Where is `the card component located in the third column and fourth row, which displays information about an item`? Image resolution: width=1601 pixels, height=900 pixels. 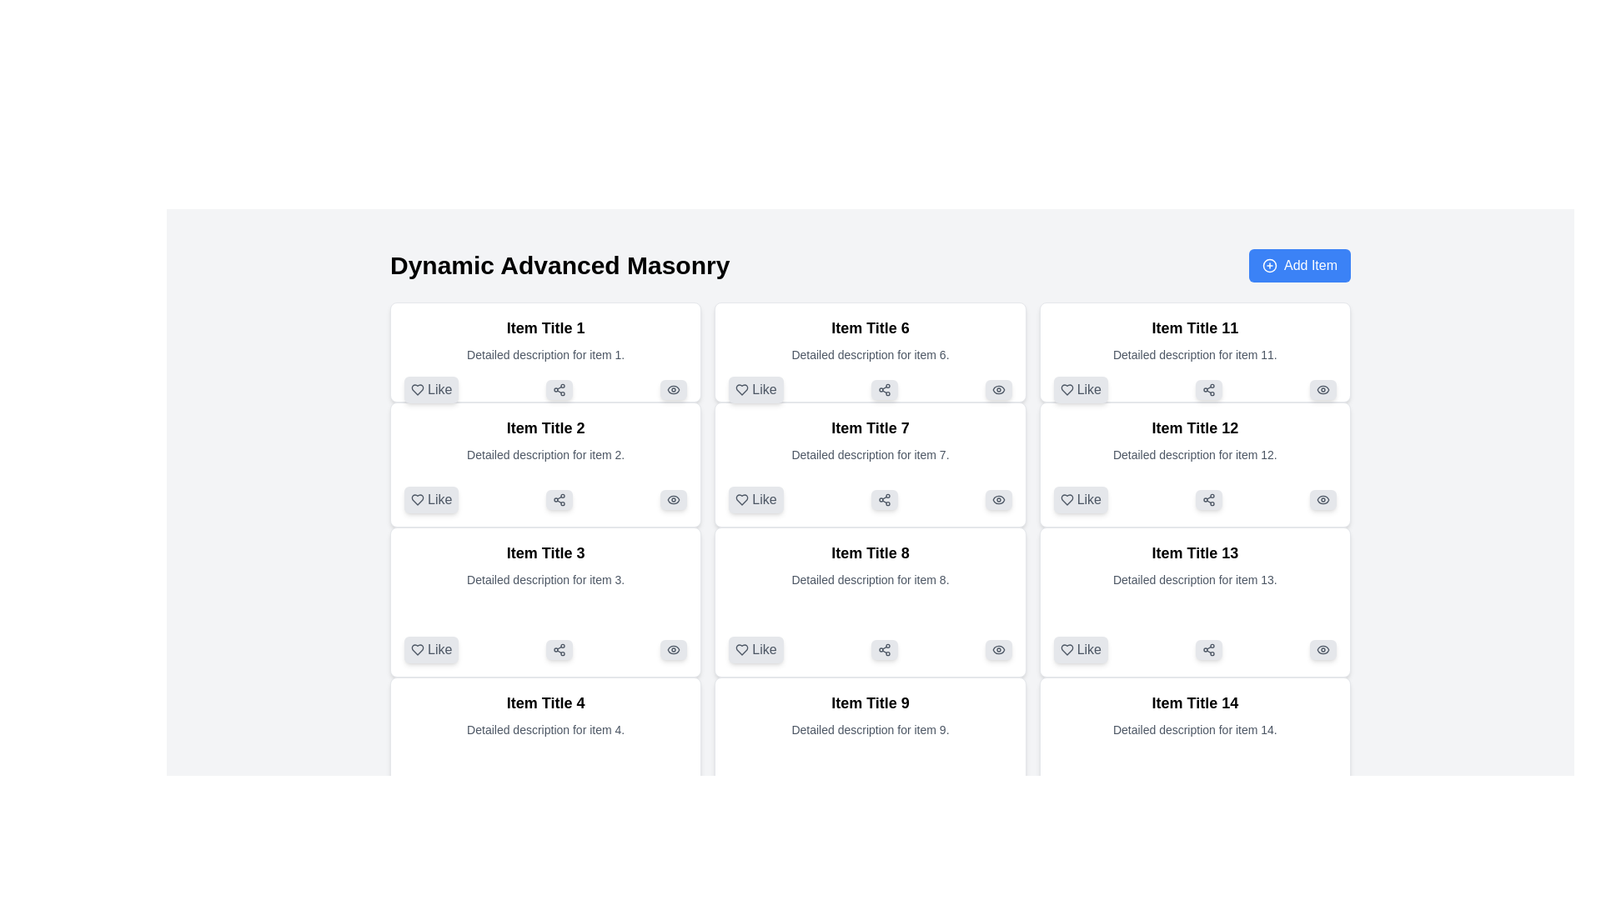
the card component located in the third column and fourth row, which displays information about an item is located at coordinates (869, 765).